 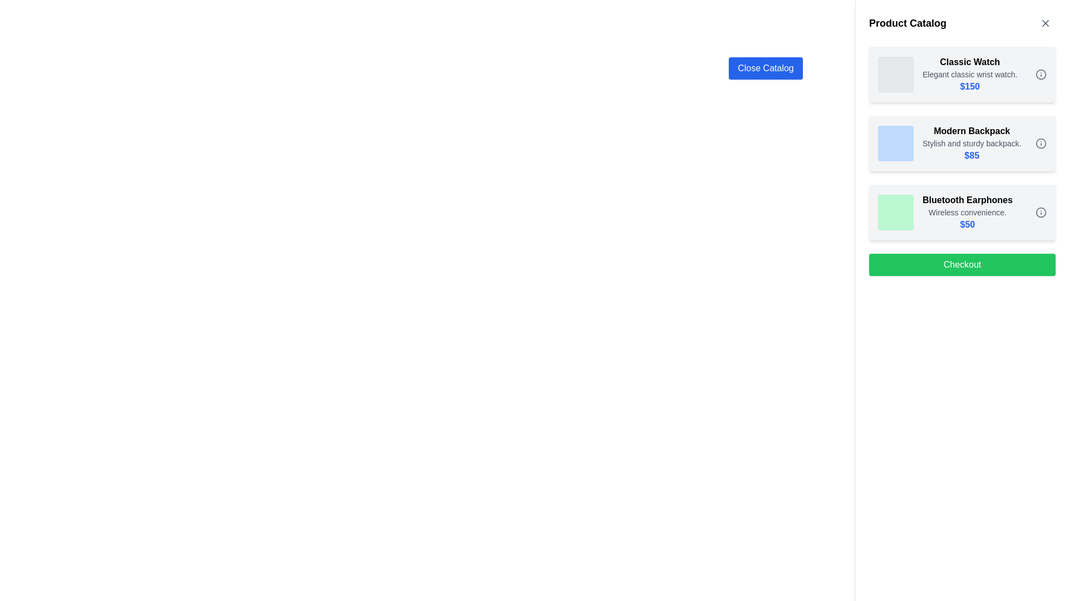 What do you see at coordinates (949, 143) in the screenshot?
I see `the product item in the catalog` at bounding box center [949, 143].